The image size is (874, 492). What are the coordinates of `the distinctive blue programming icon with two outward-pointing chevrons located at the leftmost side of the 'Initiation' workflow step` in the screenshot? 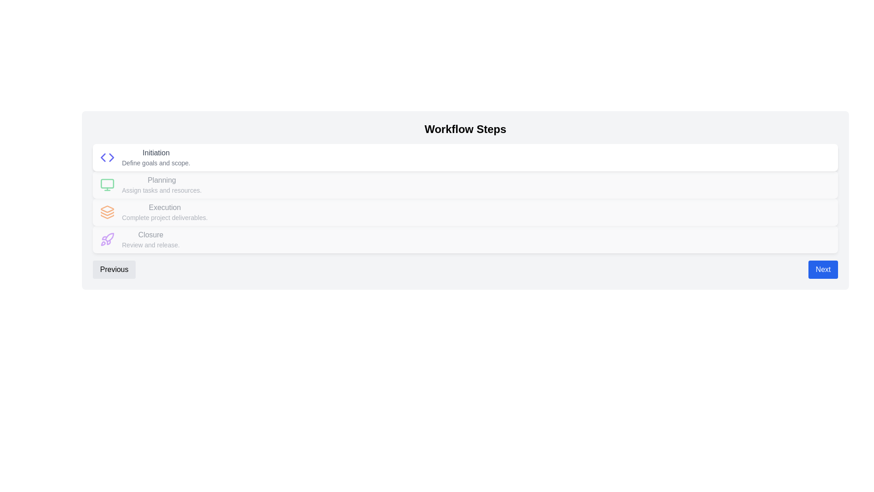 It's located at (107, 157).